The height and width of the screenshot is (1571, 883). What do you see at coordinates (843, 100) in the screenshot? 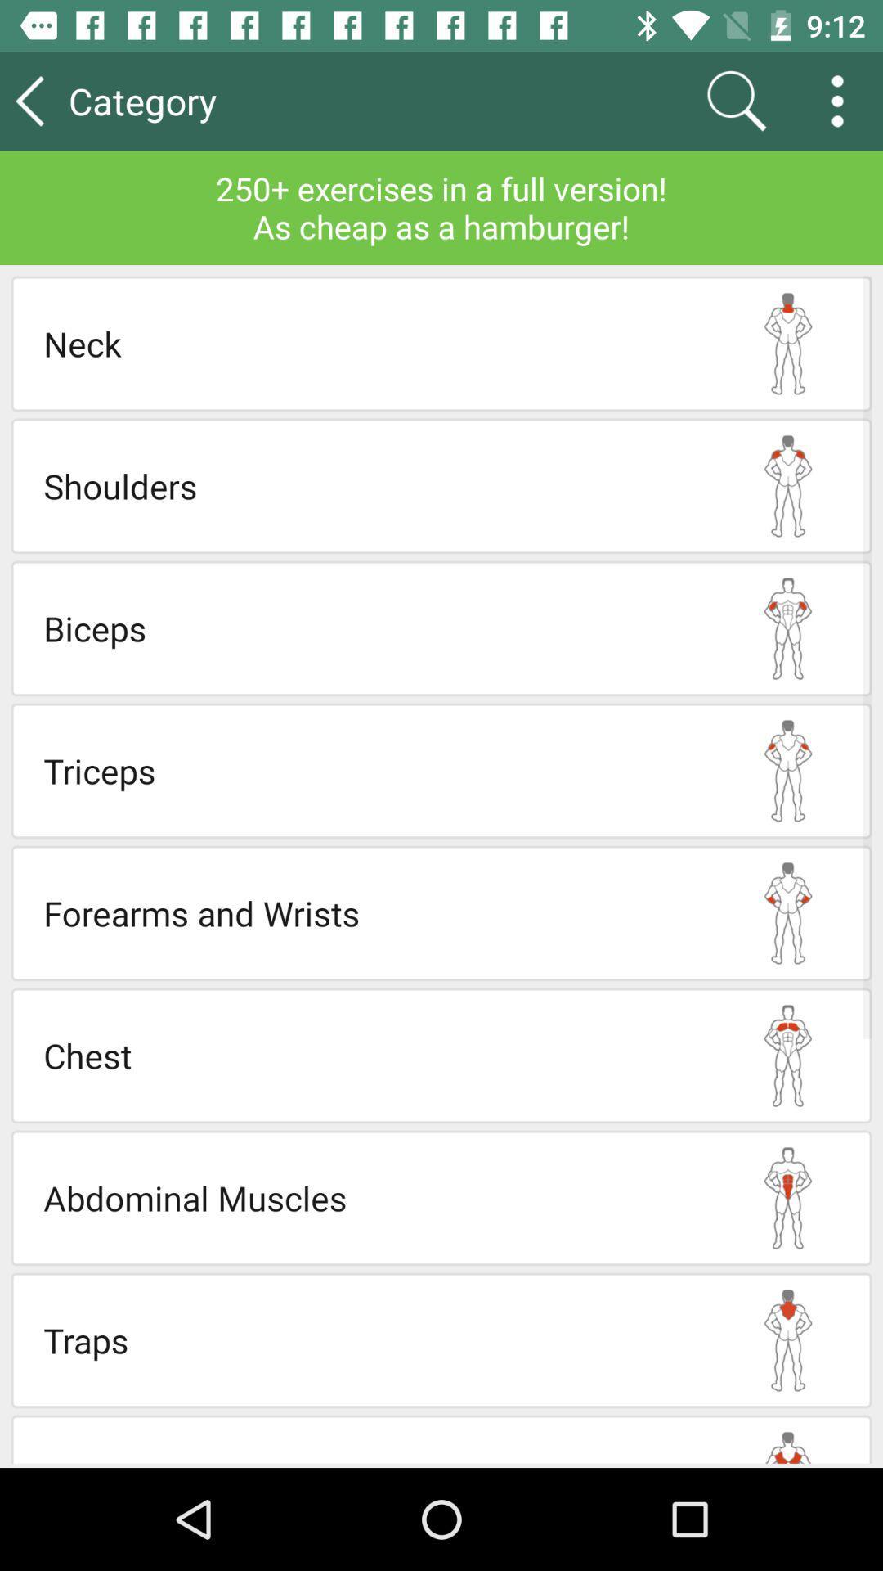
I see `icon above the 250 exercises in item` at bounding box center [843, 100].